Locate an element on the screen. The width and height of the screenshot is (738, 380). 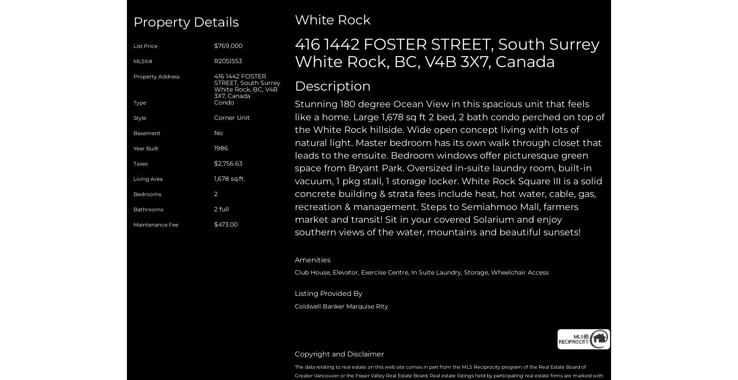
'Copyright and Disclaimer' is located at coordinates (339, 353).